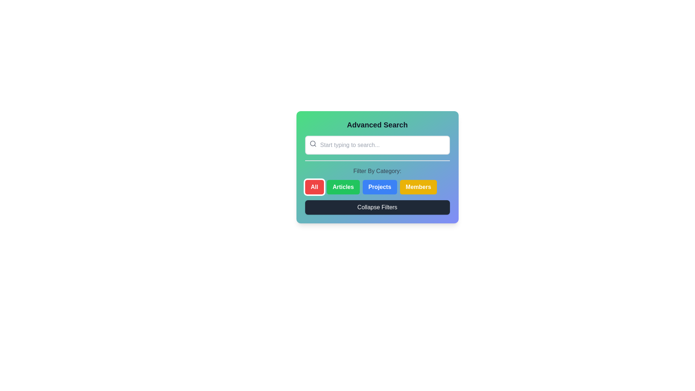  I want to click on the 'Projects' button, which is a rectangular button with rounded corners, blue background, and white bold text, positioned under the 'Filter By Category:' label, so click(379, 186).